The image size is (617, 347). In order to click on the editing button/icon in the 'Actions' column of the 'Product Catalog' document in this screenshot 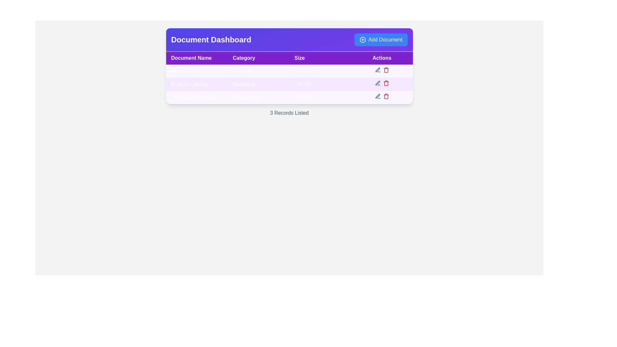, I will do `click(378, 83)`.